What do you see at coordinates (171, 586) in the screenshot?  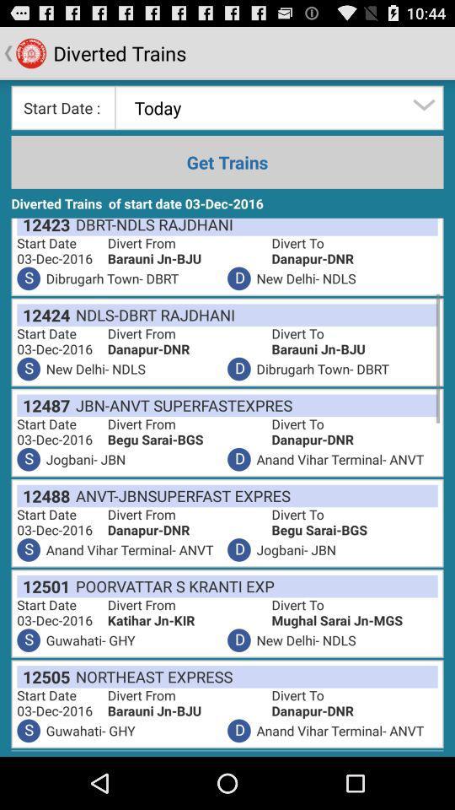 I see `the poorvattar s kranti app` at bounding box center [171, 586].